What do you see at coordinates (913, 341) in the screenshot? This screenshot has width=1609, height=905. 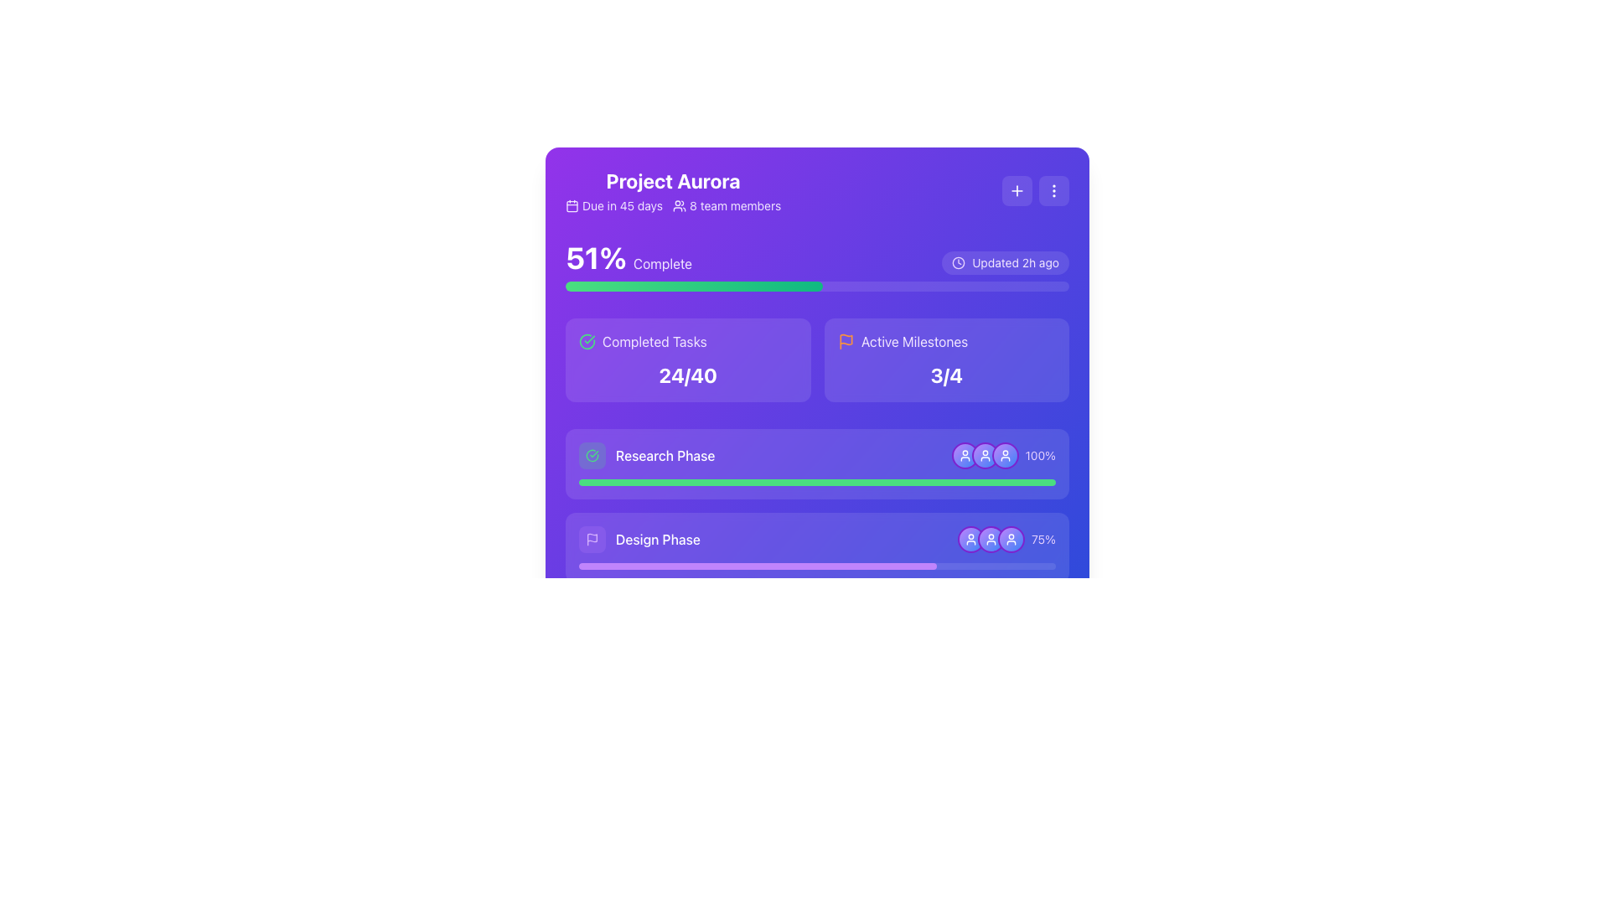 I see `the 'Active Milestones' text label, which indicates the status of milestones related to a project or task, located in the right section of a card layout` at bounding box center [913, 341].